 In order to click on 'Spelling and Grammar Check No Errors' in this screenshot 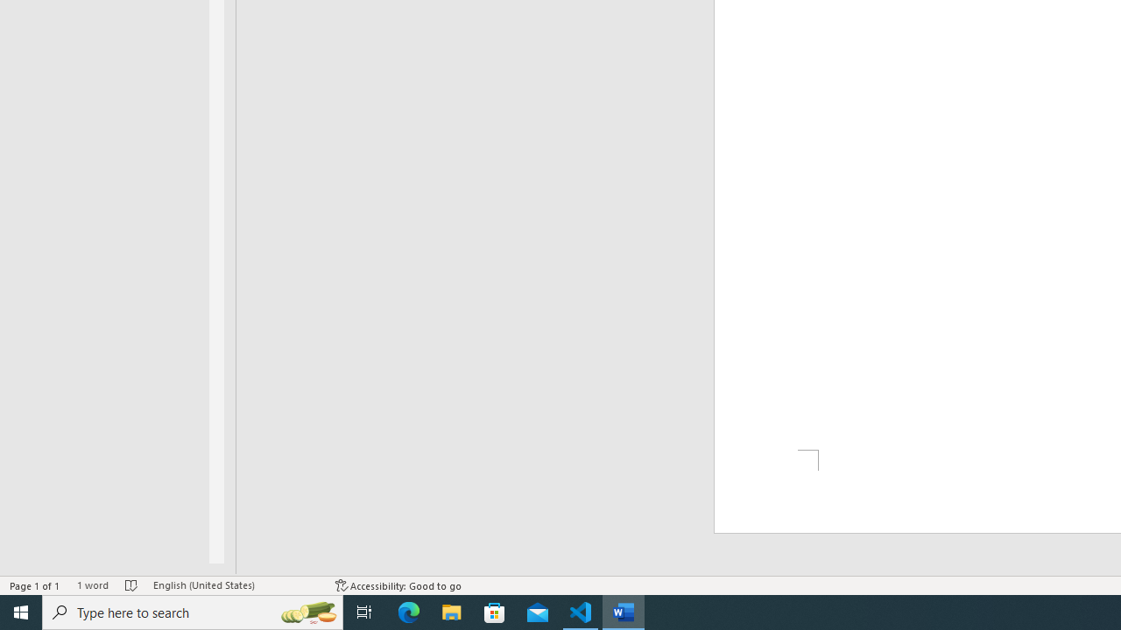, I will do `click(130, 585)`.